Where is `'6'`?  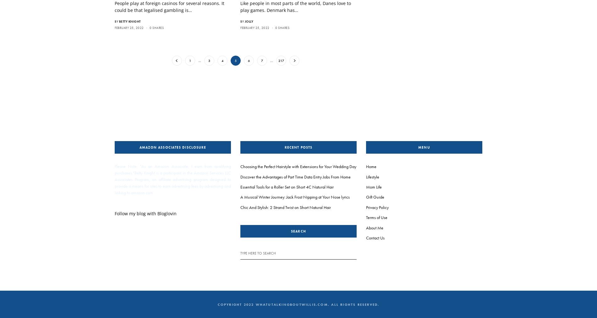
'6' is located at coordinates (248, 60).